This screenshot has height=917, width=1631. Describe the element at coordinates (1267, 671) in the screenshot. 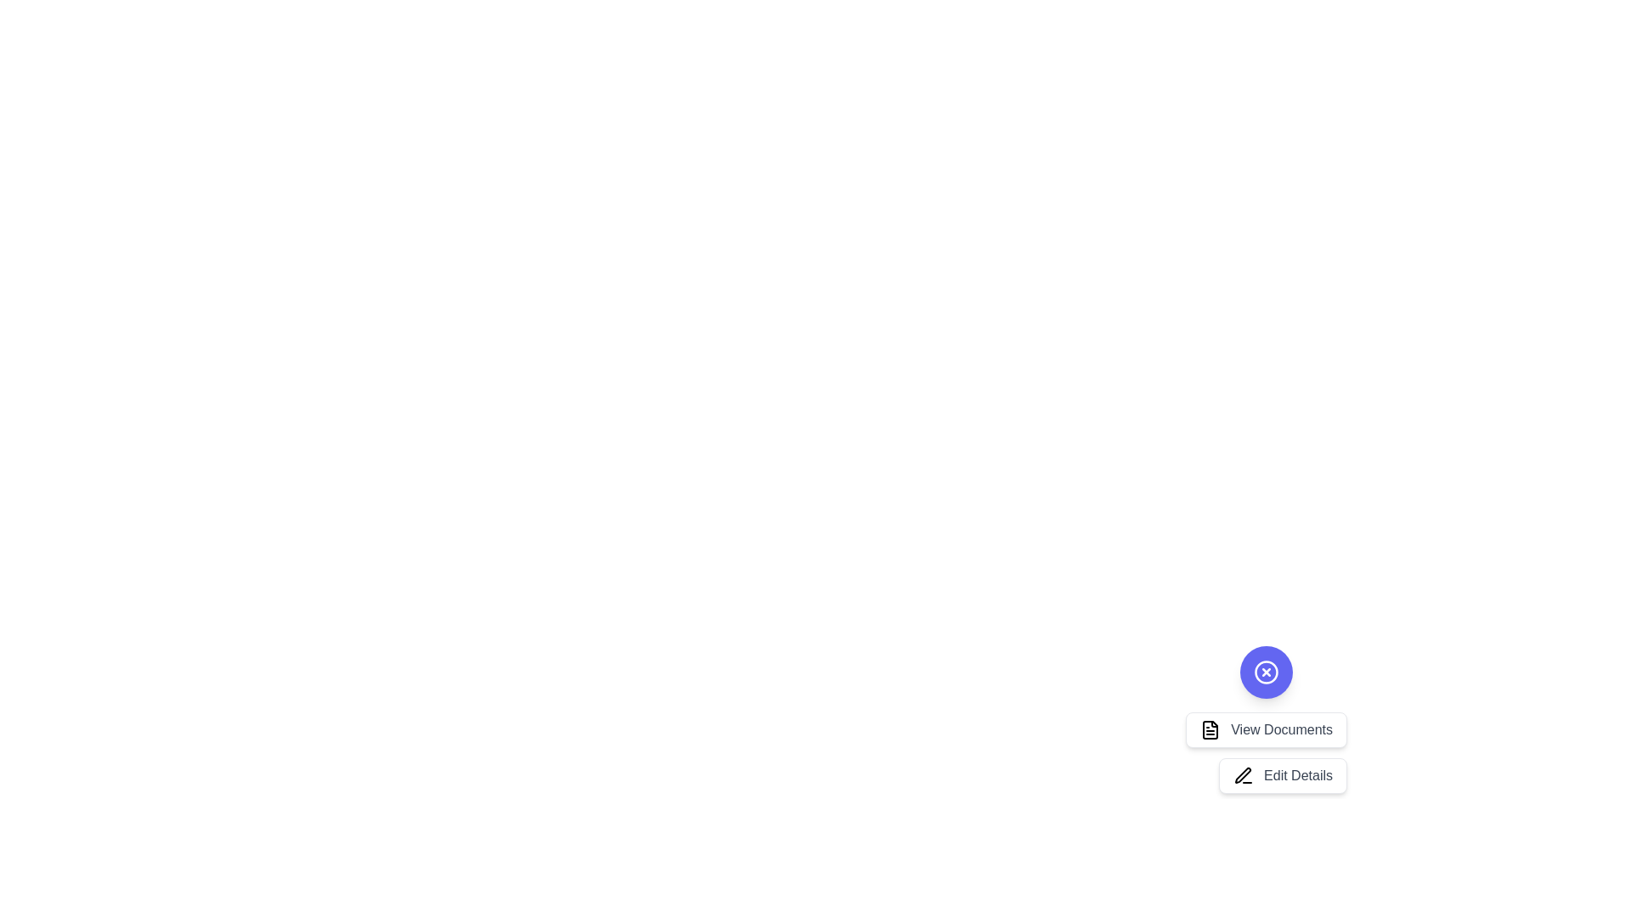

I see `toggle button to change the visibility of the speed dial options panel` at that location.